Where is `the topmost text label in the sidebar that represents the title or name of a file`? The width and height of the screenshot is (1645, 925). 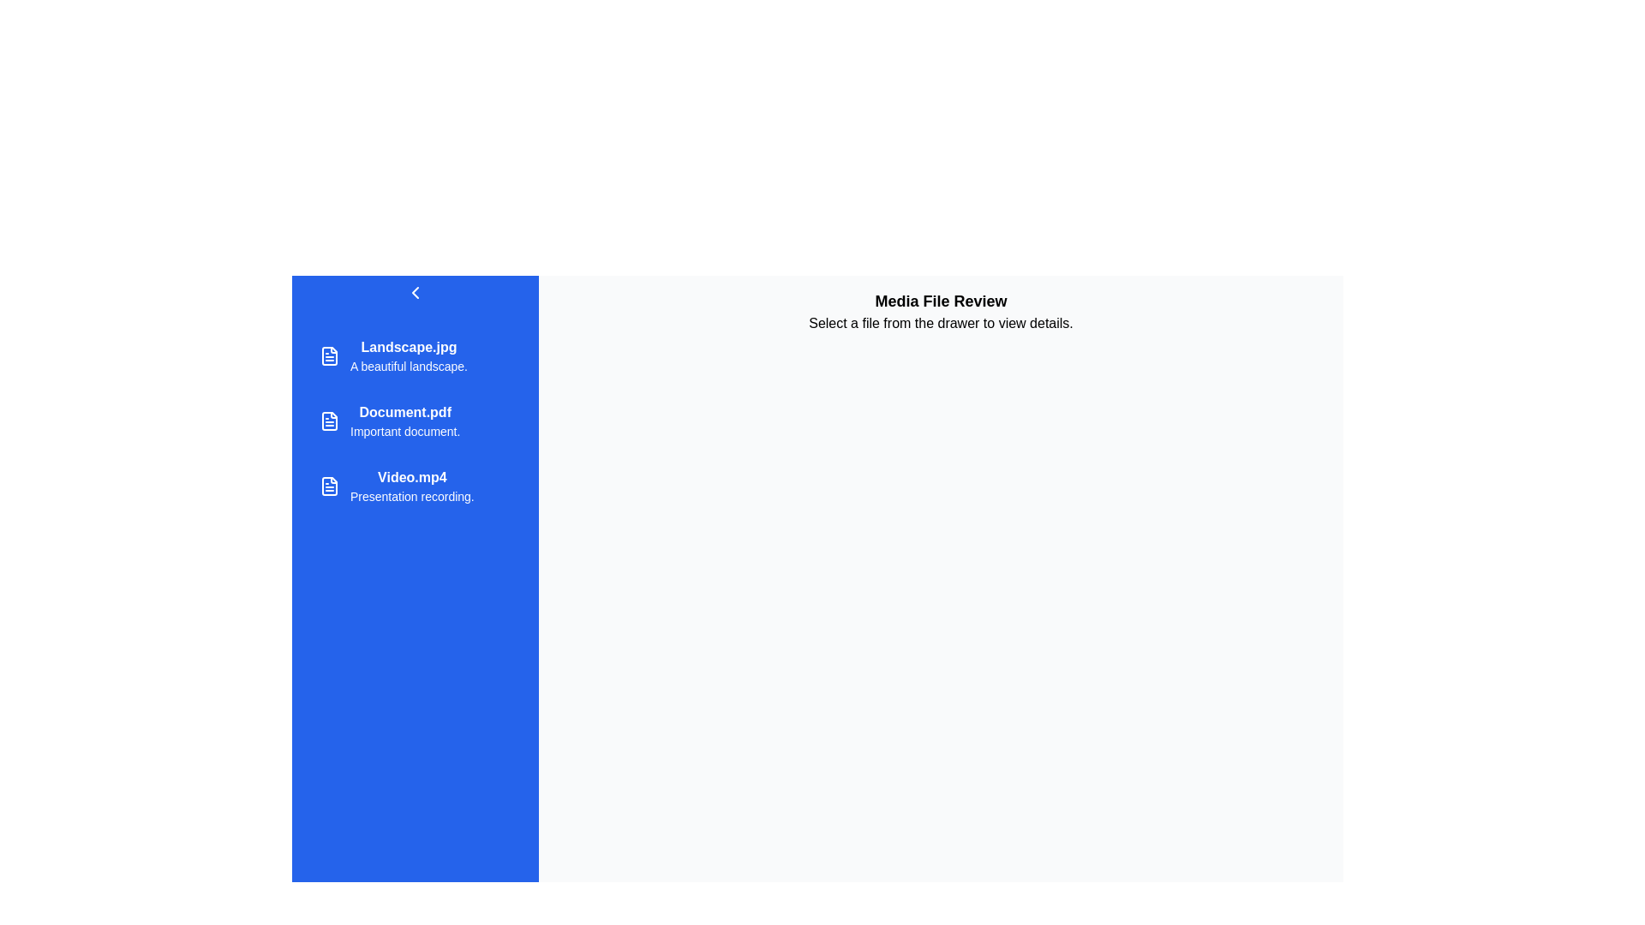 the topmost text label in the sidebar that represents the title or name of a file is located at coordinates (408, 347).